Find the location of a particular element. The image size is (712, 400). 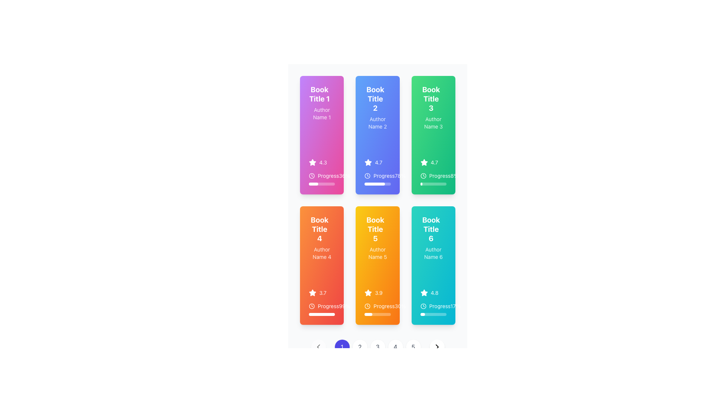

the circular button with a white background and the number '3' in gray text is located at coordinates (378, 347).